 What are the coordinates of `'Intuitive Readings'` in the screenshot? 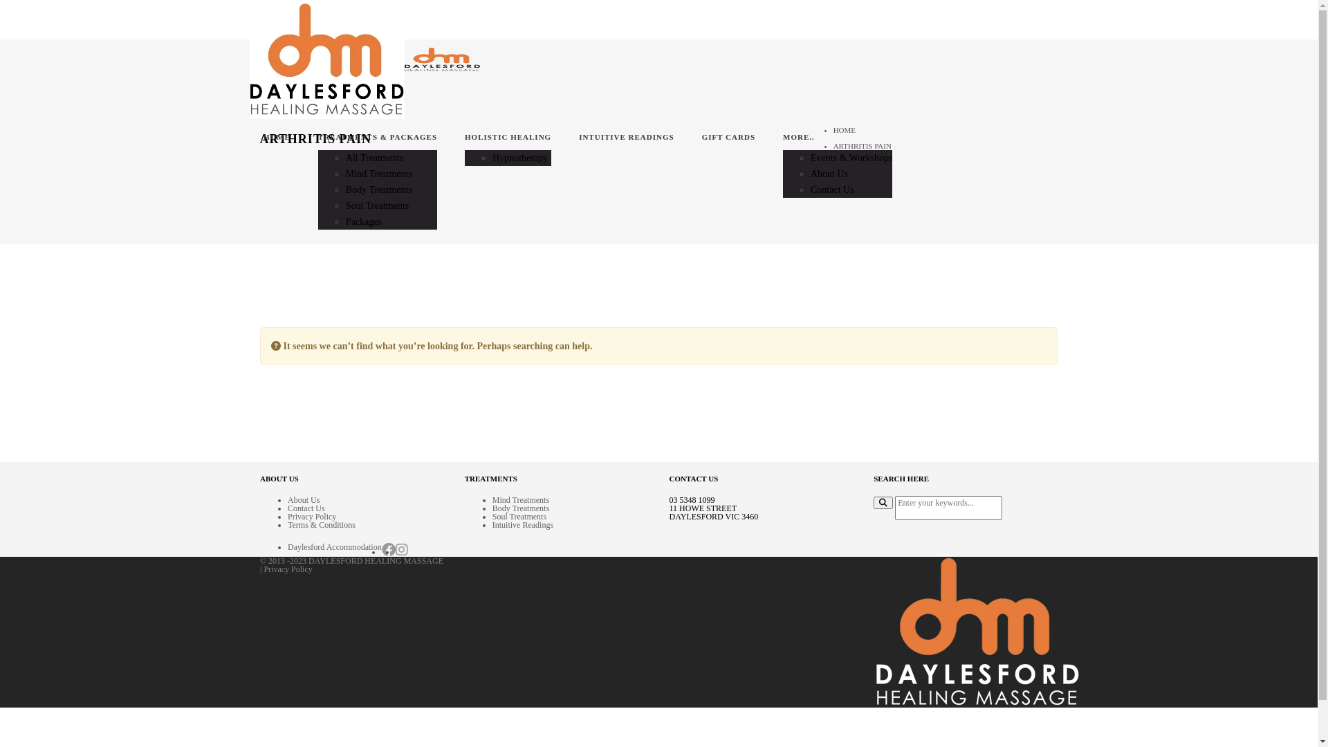 It's located at (522, 525).